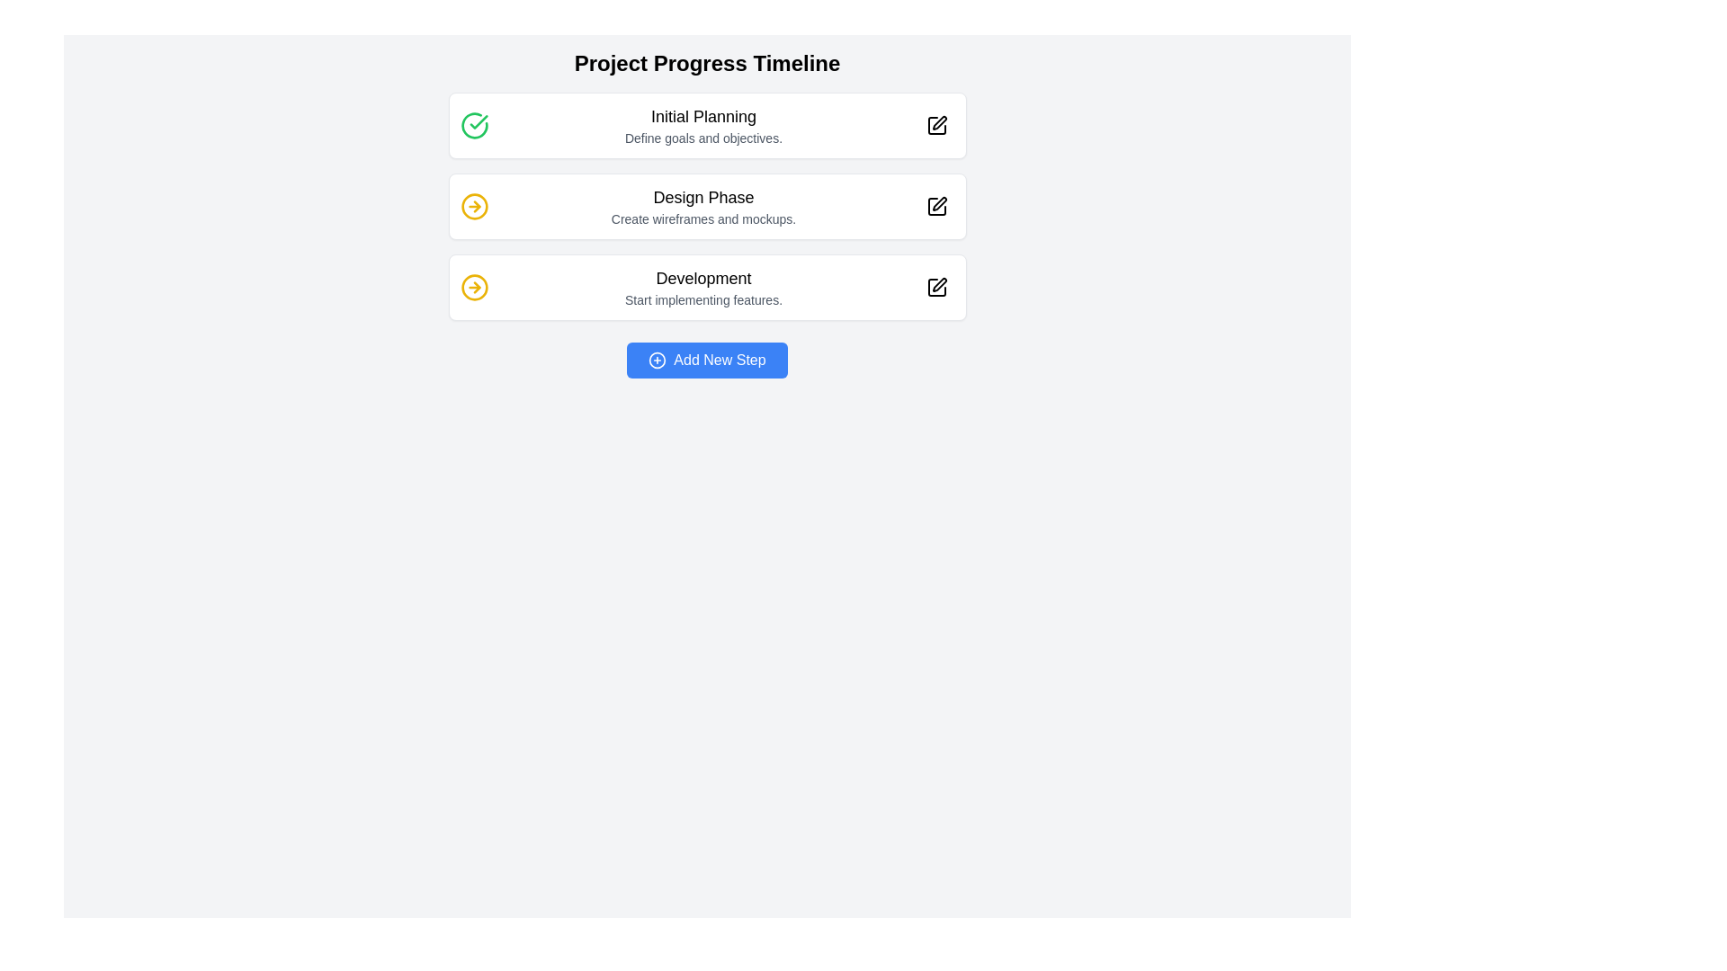 The width and height of the screenshot is (1727, 971). I want to click on the circular graphical component representing the 'Development' step in the project timeline, located to the left of the 'Development' text, so click(474, 206).